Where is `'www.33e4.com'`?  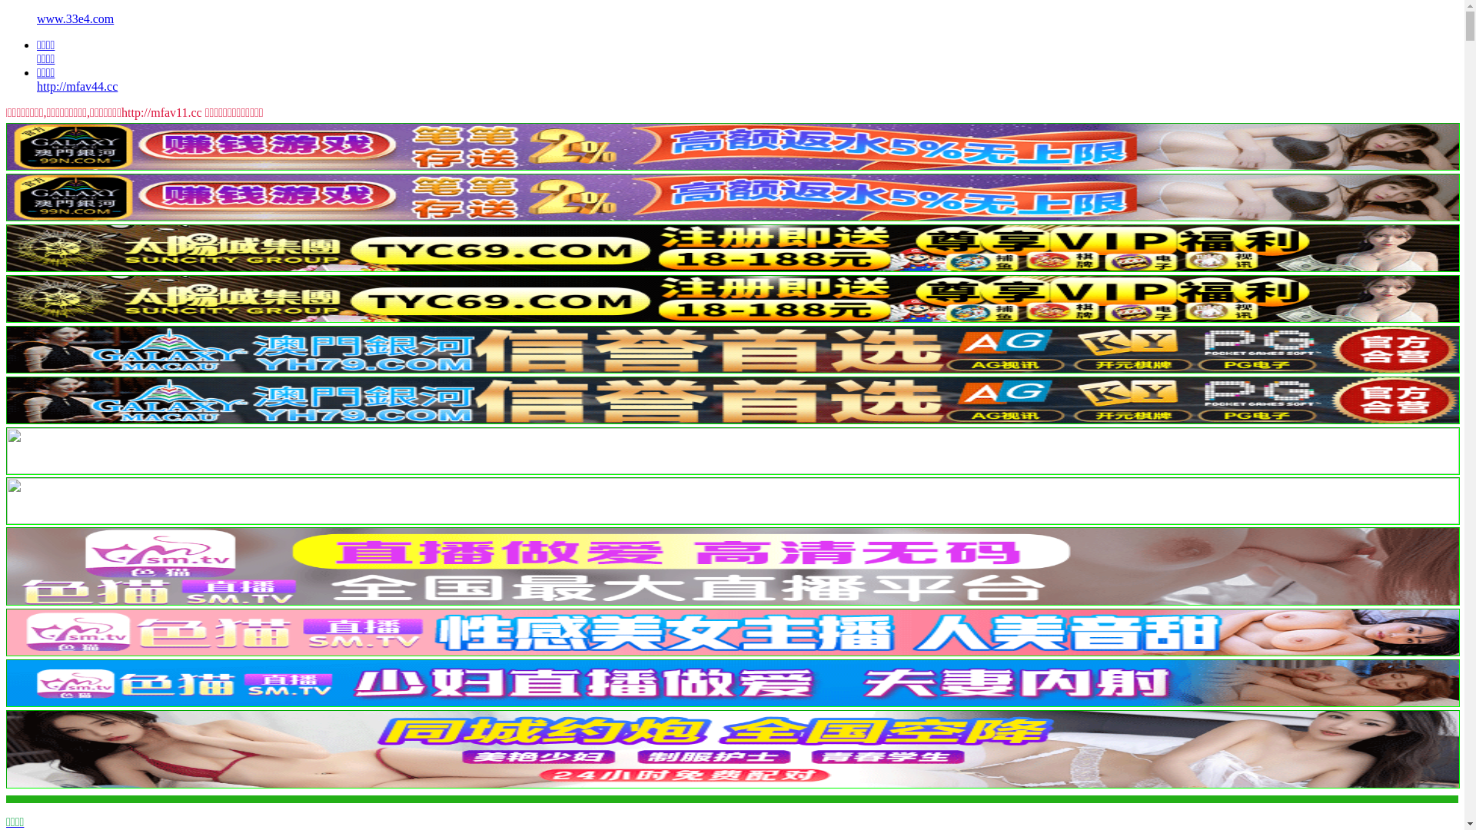 'www.33e4.com' is located at coordinates (74, 18).